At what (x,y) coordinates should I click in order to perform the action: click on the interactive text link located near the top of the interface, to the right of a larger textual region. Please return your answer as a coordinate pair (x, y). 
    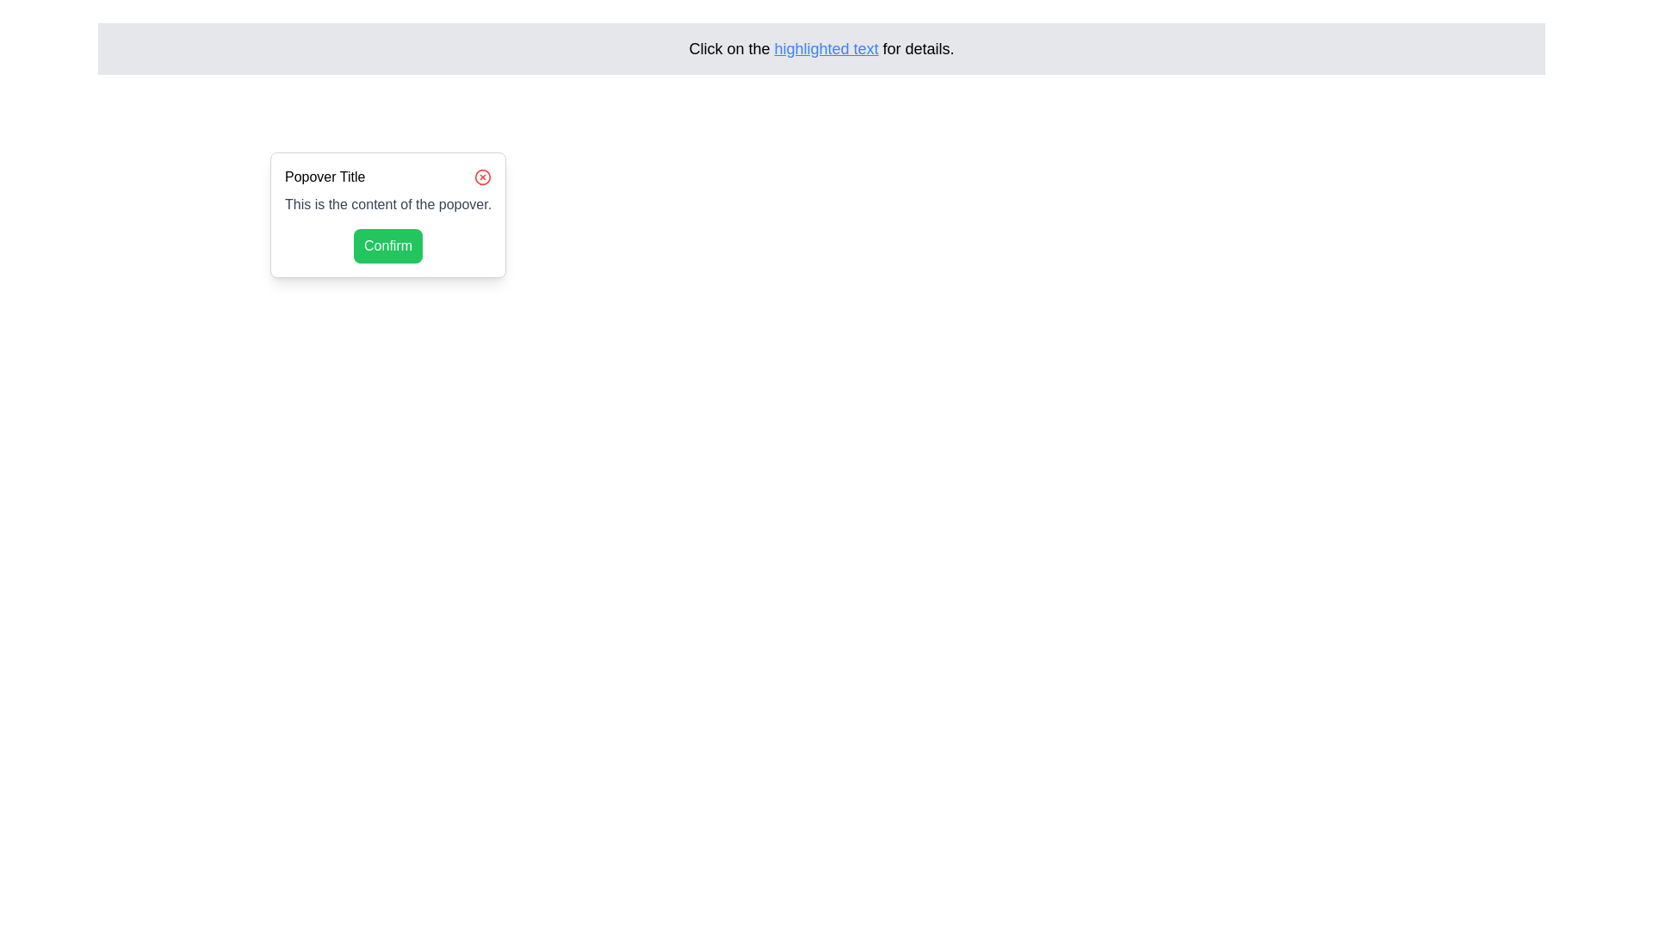
    Looking at the image, I should click on (826, 48).